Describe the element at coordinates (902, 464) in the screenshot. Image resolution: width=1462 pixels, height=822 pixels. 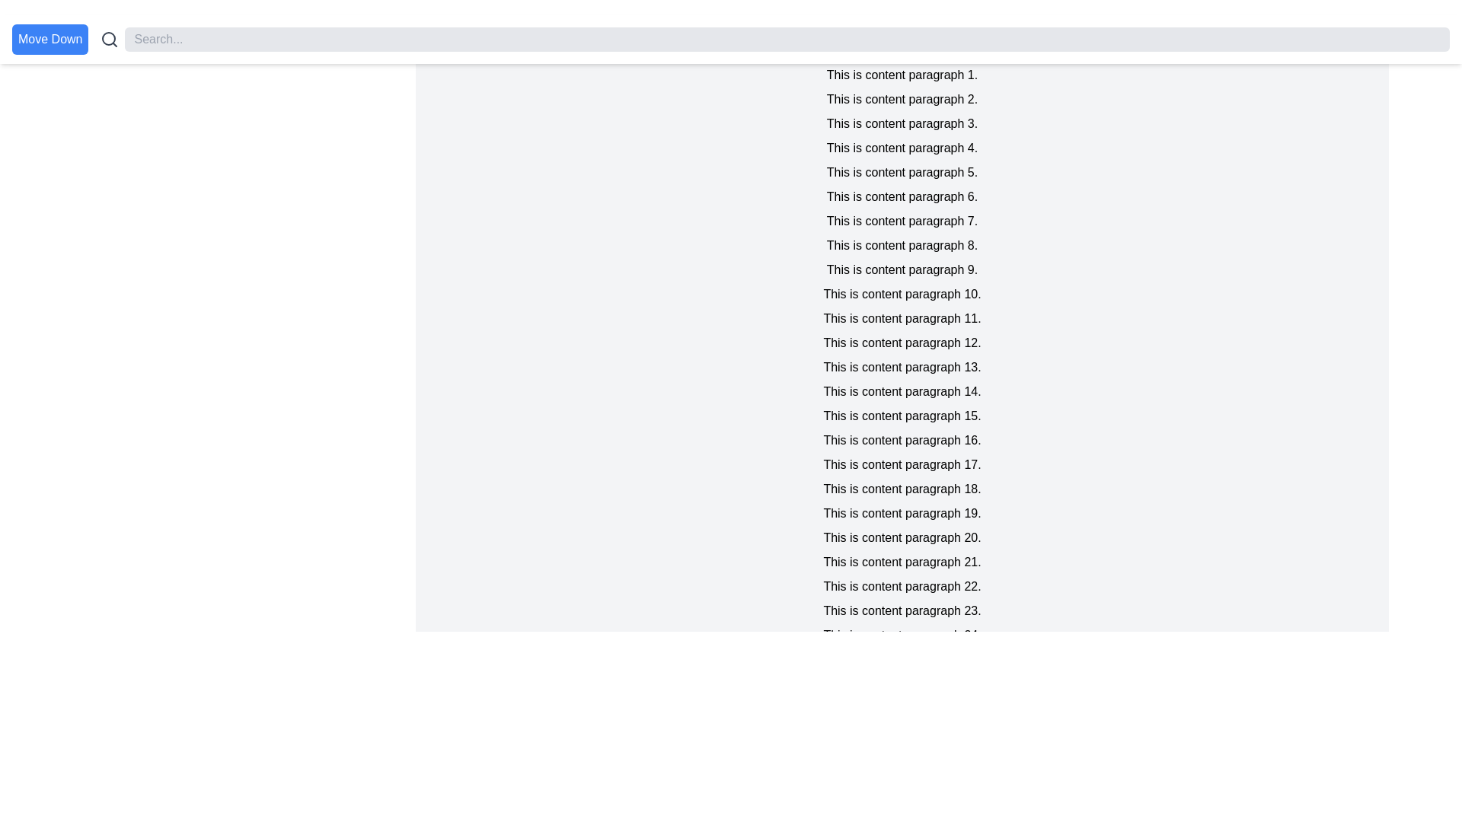
I see `the text element displaying 'This is content paragraph 17.' located in the vertical list of paragraphs` at that location.